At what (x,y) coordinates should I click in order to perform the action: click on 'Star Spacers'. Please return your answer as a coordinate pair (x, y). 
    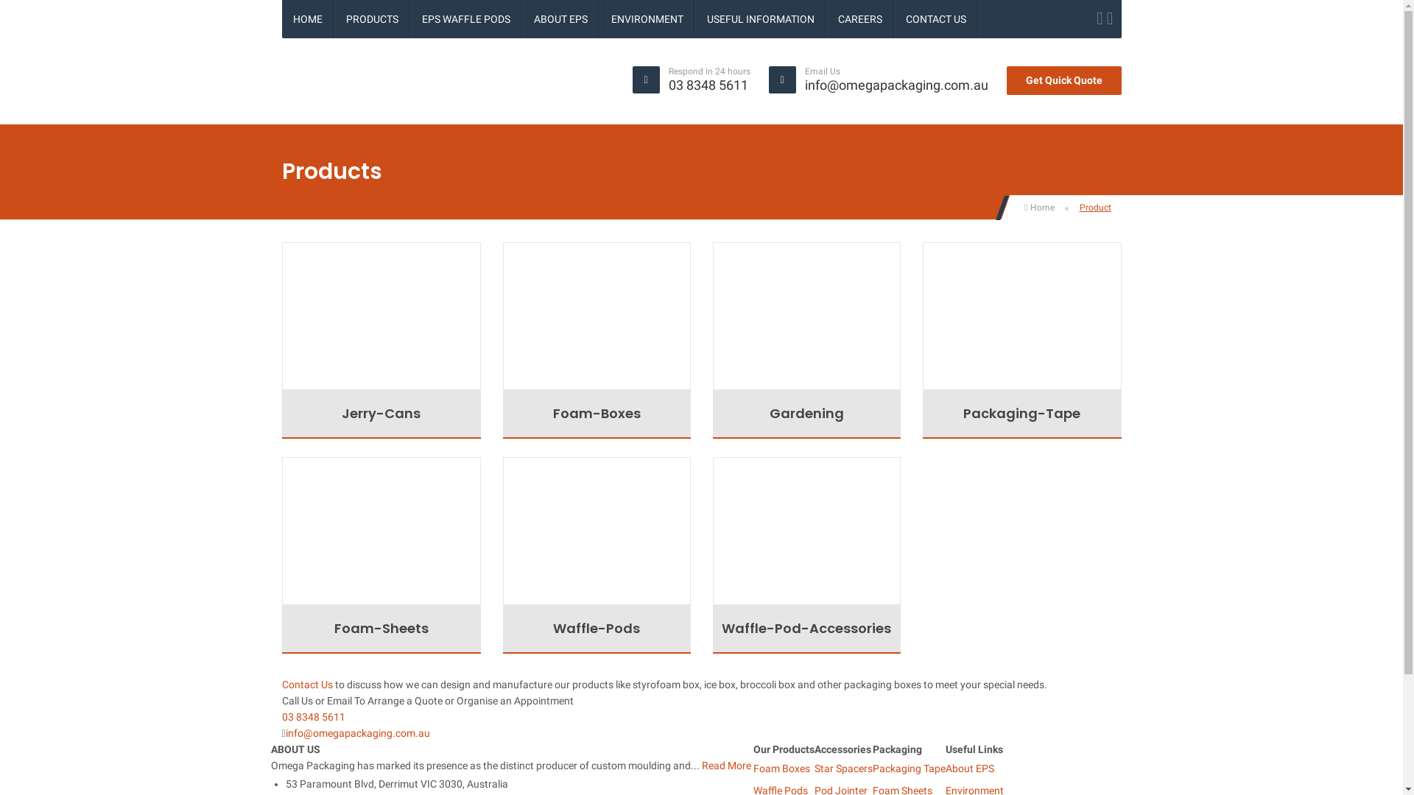
    Looking at the image, I should click on (843, 768).